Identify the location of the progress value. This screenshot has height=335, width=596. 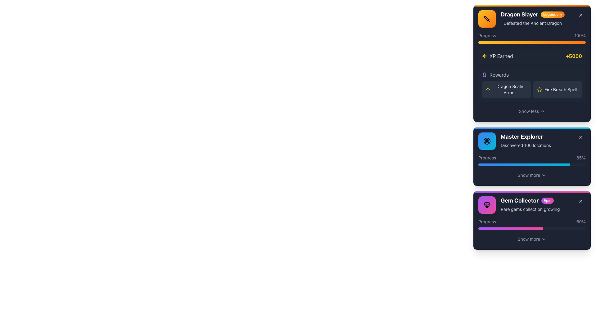
(508, 228).